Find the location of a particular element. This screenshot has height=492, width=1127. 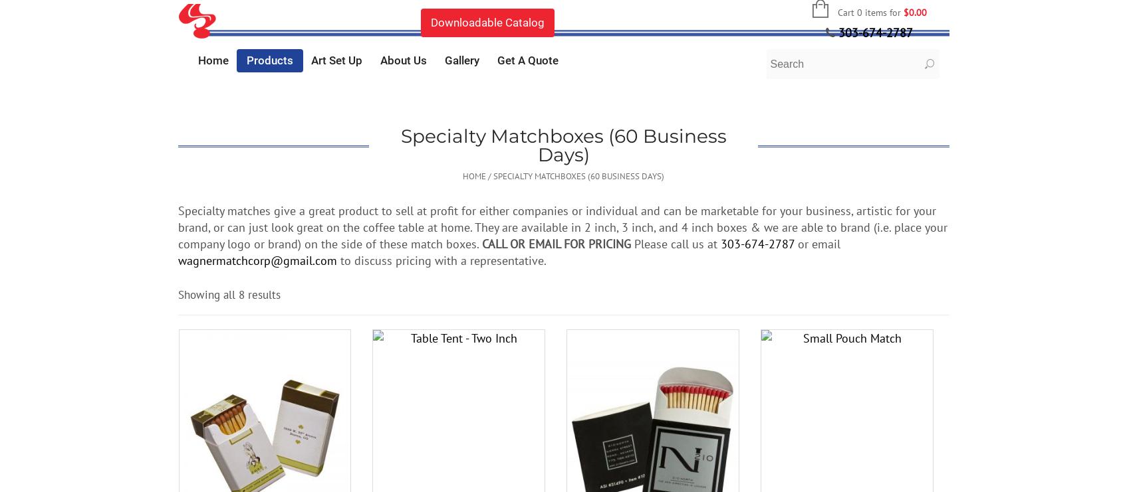

'$' is located at coordinates (905, 11).